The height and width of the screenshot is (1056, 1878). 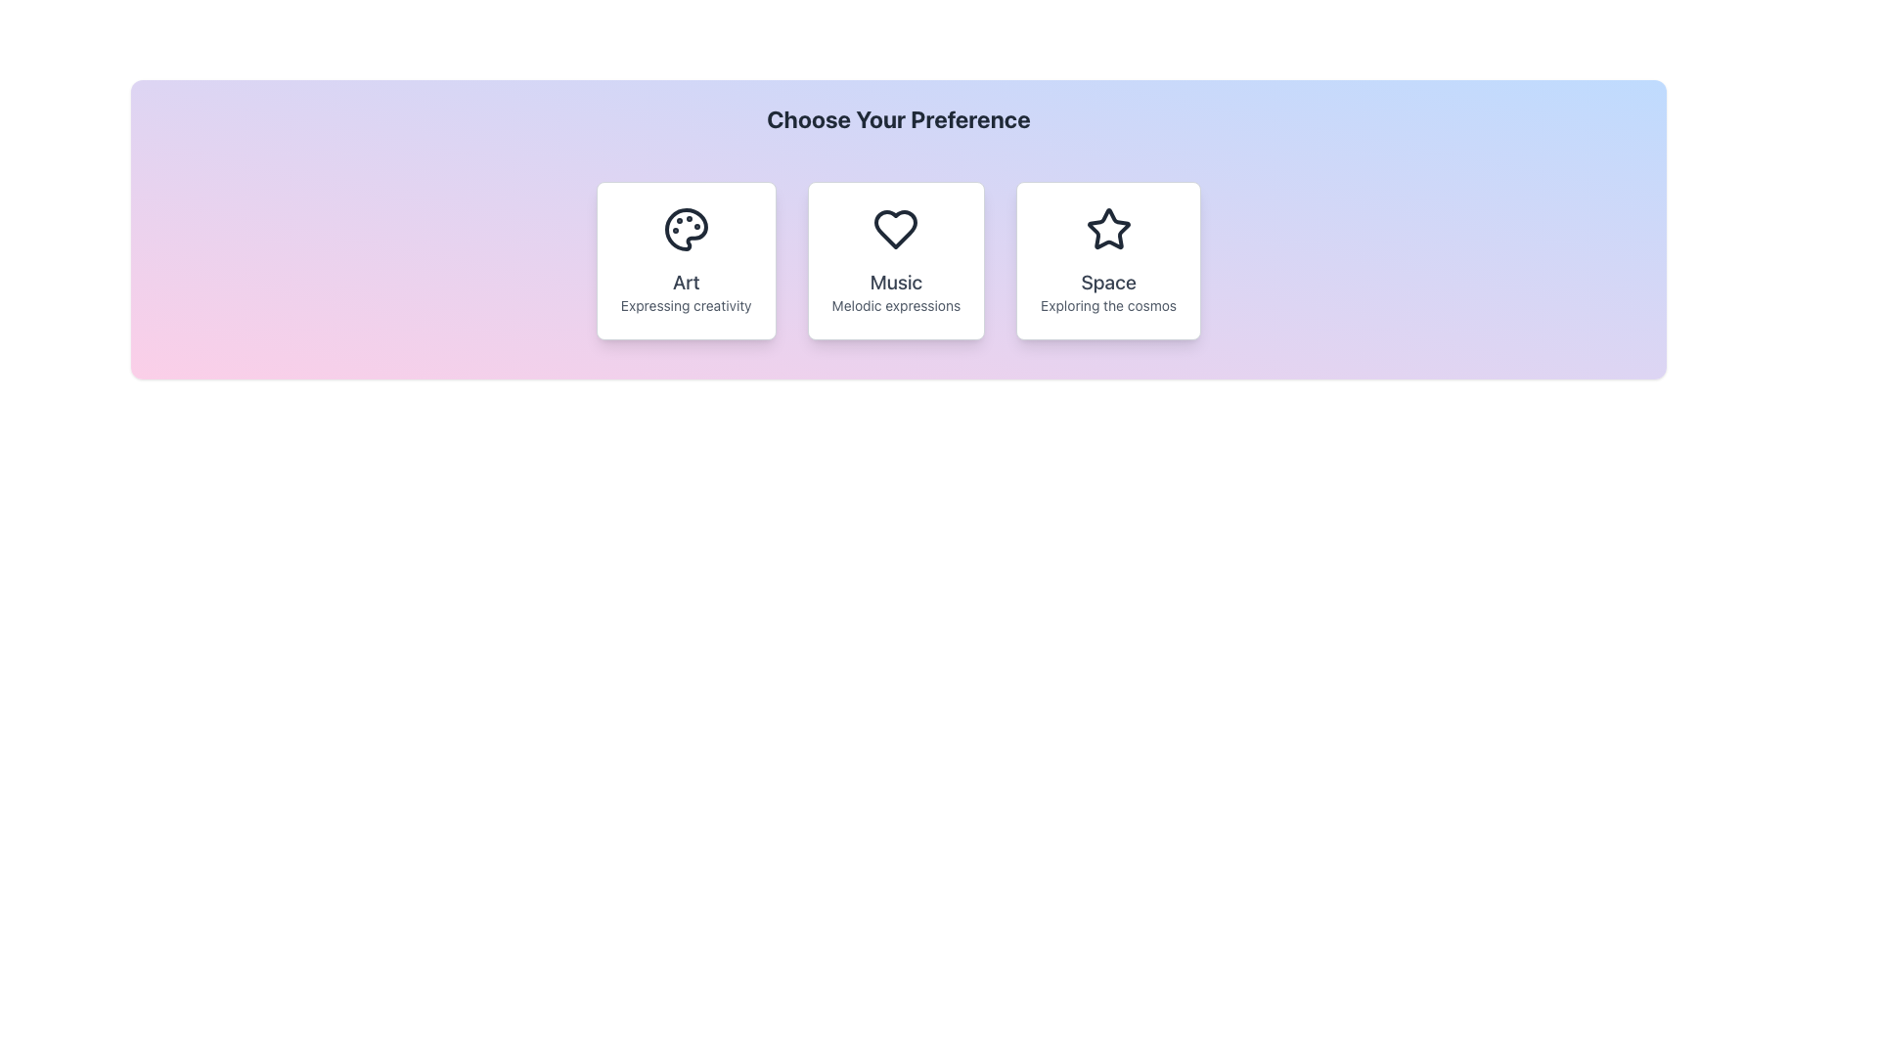 What do you see at coordinates (686, 305) in the screenshot?
I see `the text label 'Expressing creativity' styled in gray font, which is located beneath the 'Art' section in a card-like structure` at bounding box center [686, 305].